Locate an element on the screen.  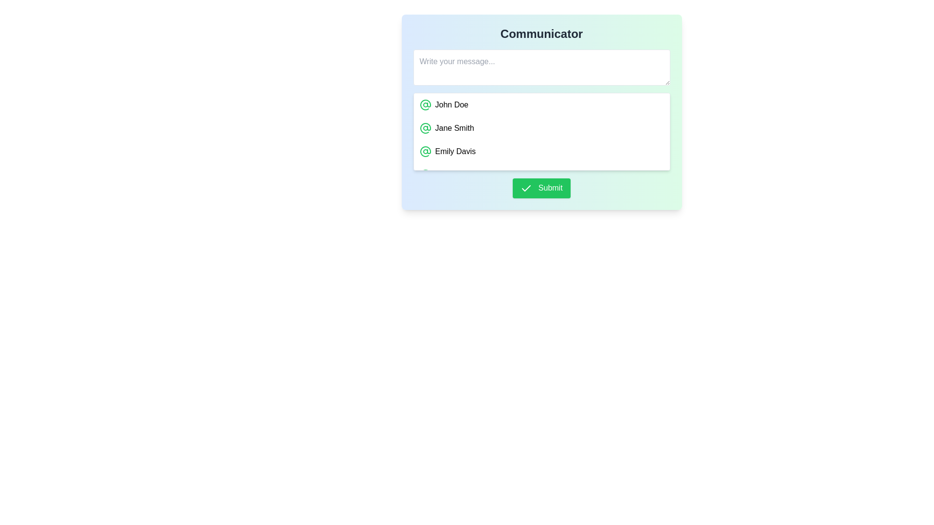
the green '@' icon located next to the text 'Emily Davis' in the list of names is located at coordinates (425, 152).